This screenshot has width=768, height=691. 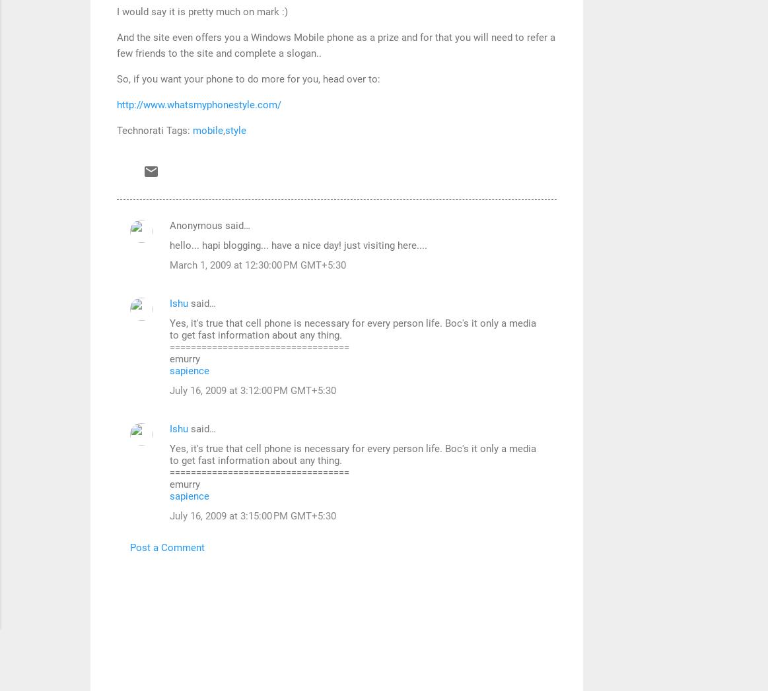 What do you see at coordinates (201, 10) in the screenshot?
I see `'I would say it is pretty much on mark :)'` at bounding box center [201, 10].